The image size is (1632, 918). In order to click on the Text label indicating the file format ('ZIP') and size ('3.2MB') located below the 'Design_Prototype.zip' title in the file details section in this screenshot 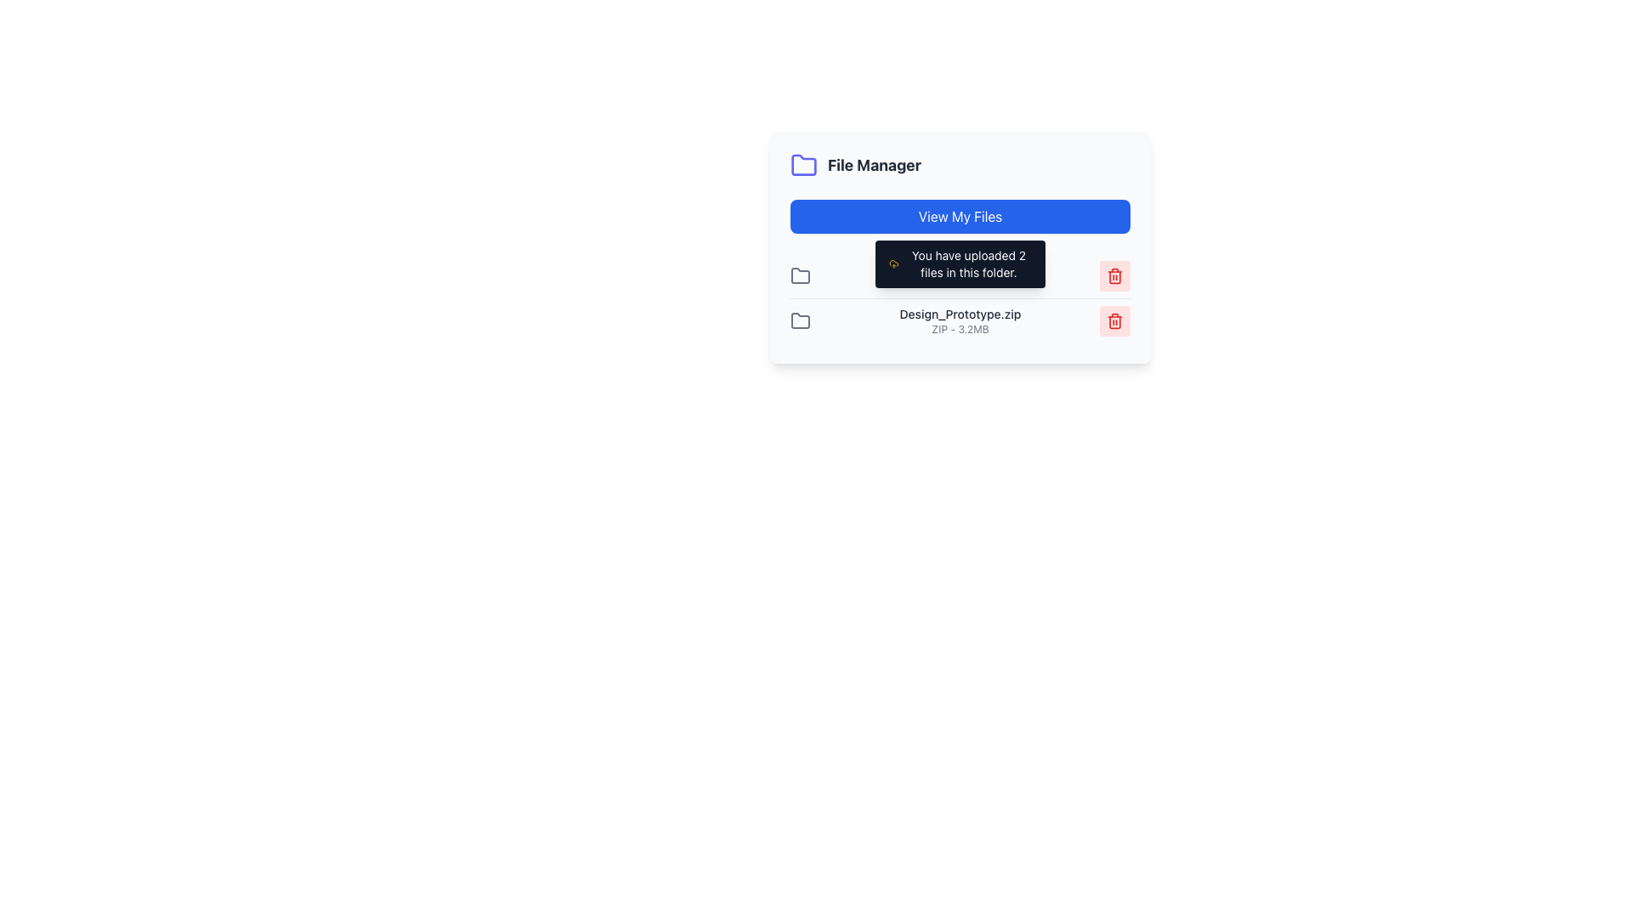, I will do `click(960, 330)`.